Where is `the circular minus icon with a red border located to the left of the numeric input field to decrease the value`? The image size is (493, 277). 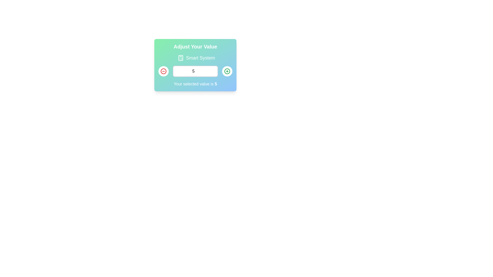
the circular minus icon with a red border located to the left of the numeric input field to decrease the value is located at coordinates (163, 71).